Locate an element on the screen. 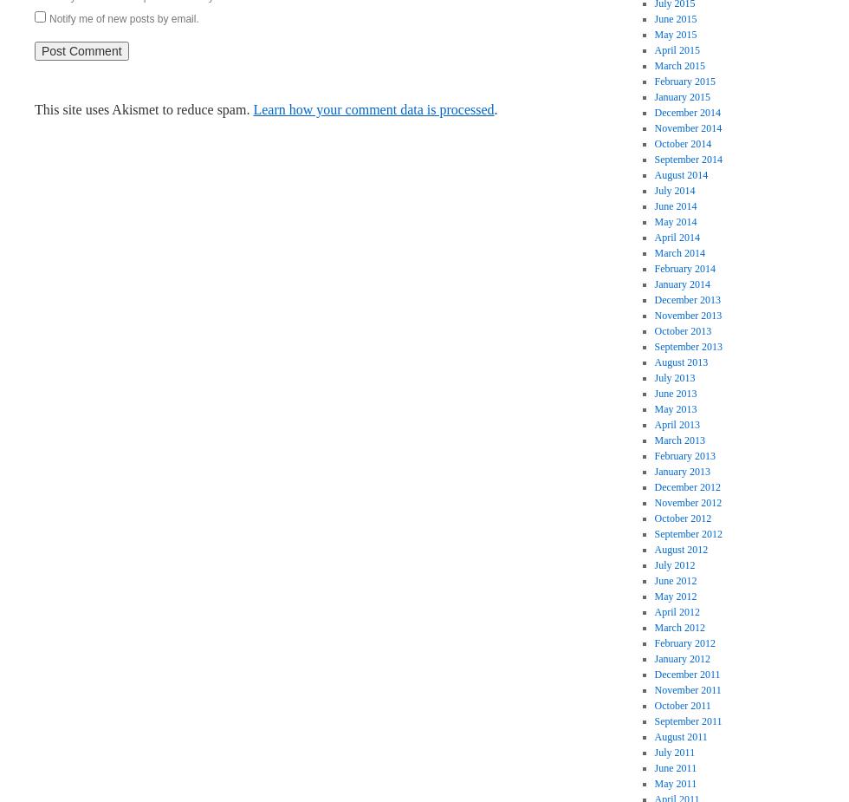  'December 2013' is located at coordinates (687, 299).